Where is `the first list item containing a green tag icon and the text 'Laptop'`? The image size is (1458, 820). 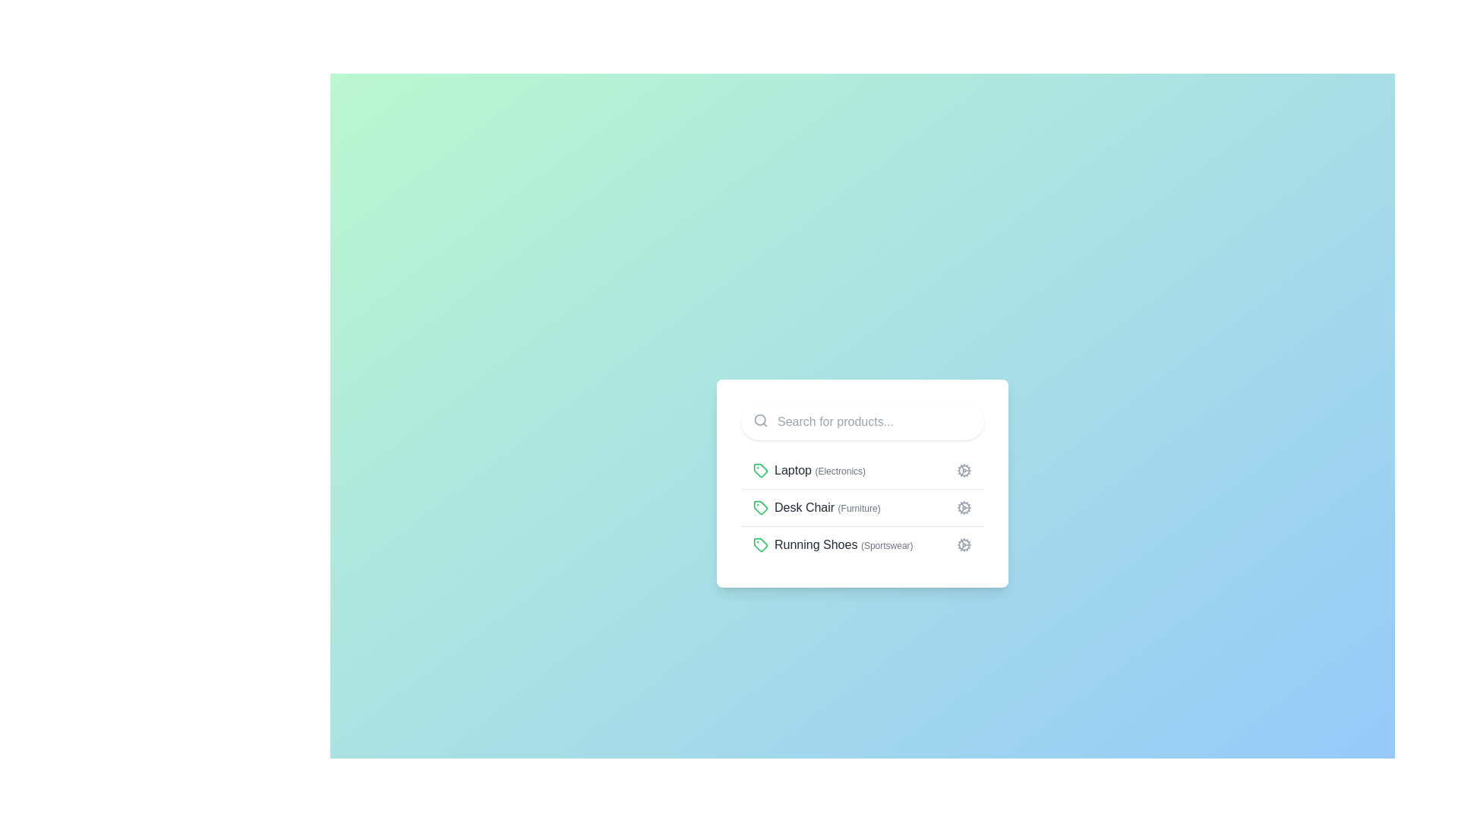 the first list item containing a green tag icon and the text 'Laptop' is located at coordinates (863, 470).